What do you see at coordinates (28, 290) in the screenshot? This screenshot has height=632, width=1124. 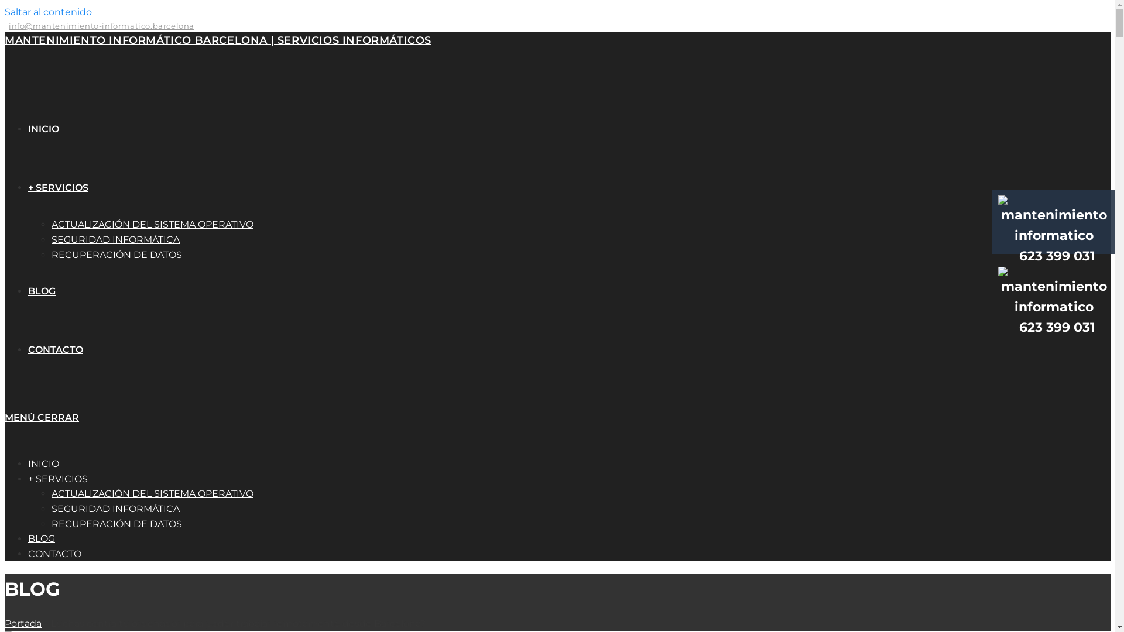 I see `'BLOG'` at bounding box center [28, 290].